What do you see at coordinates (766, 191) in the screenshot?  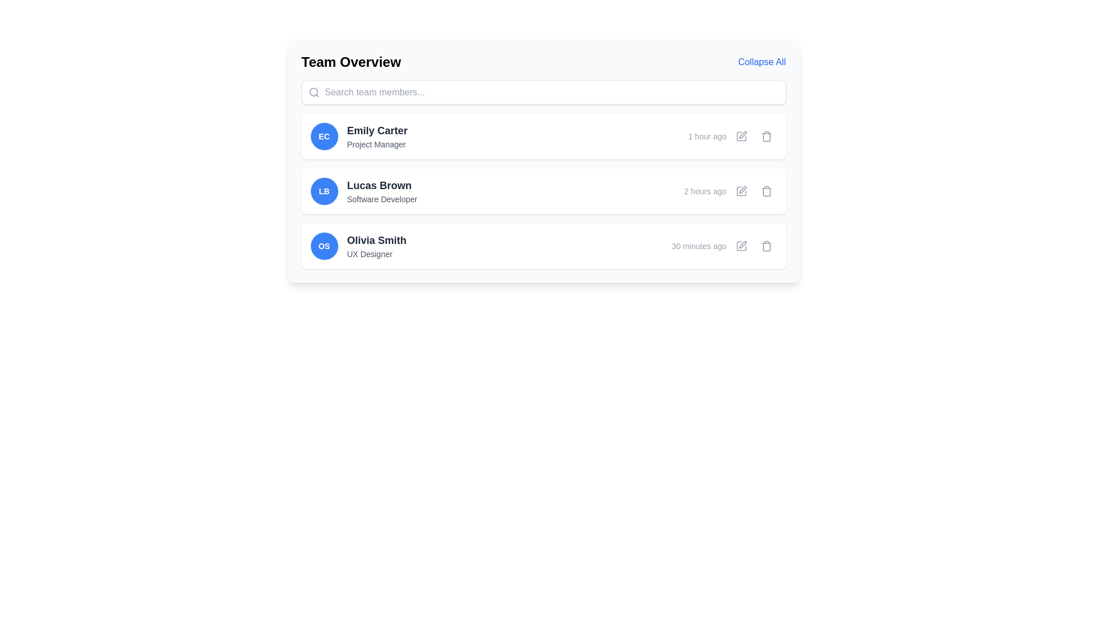 I see `the trash bin icon associated with the 'Lucas Brown' row in the 'Team Overview' section` at bounding box center [766, 191].